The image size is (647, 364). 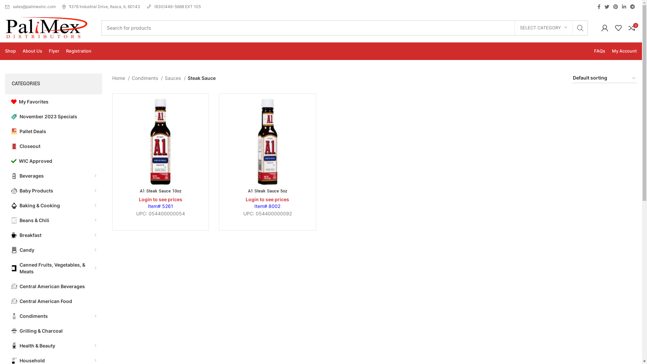 I want to click on 'baby-svgrepo-com', so click(x=14, y=191).